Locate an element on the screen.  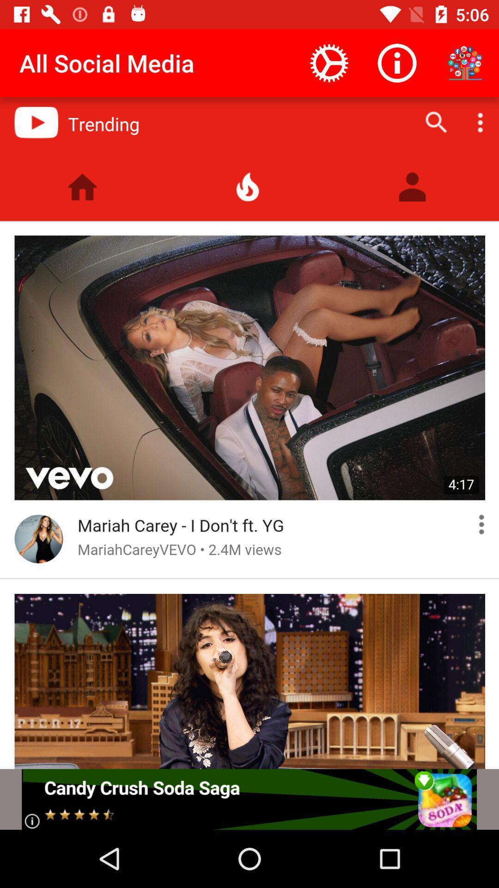
install app is located at coordinates (249, 799).